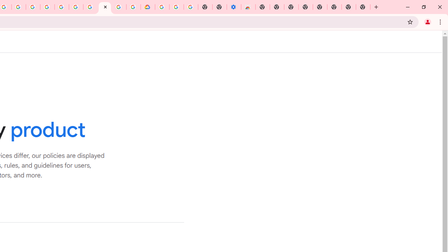 The image size is (448, 252). I want to click on 'Settings - Accessibility', so click(234, 7).